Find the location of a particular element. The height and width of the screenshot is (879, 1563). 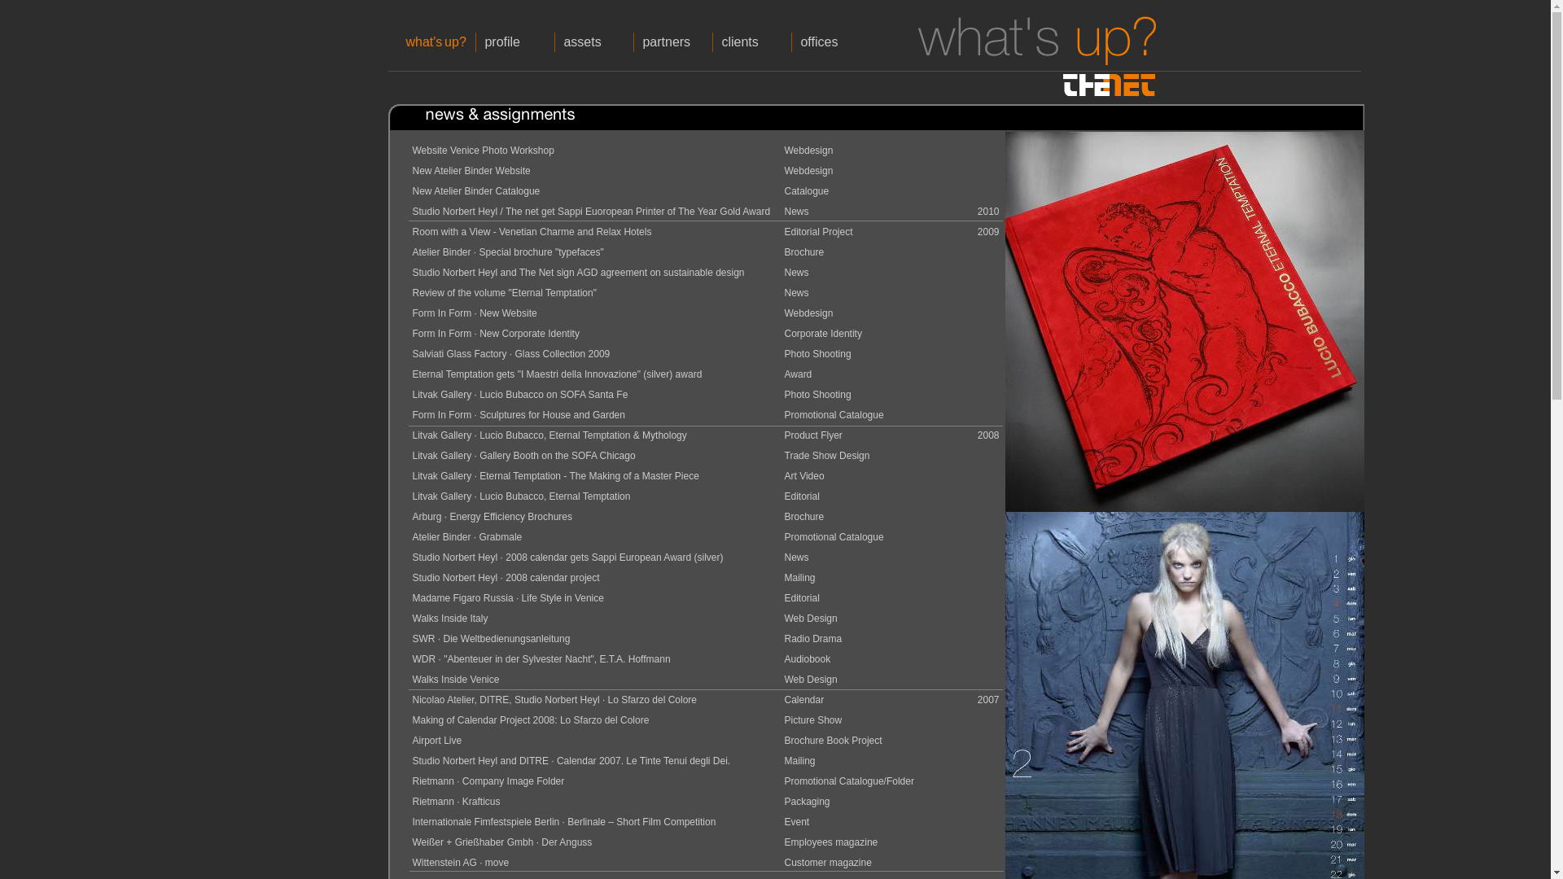

'New Atelier Binder Website' is located at coordinates (470, 170).